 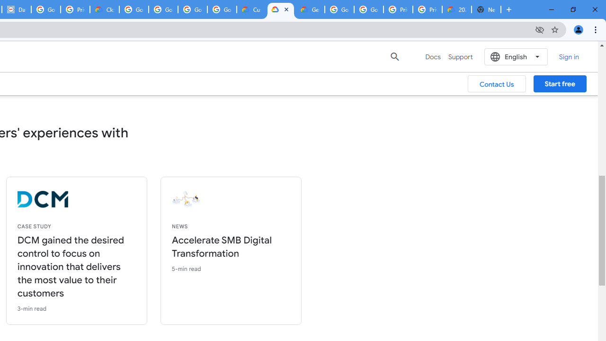 I want to click on 'Google Workspace - Specific Terms', so click(x=192, y=9).